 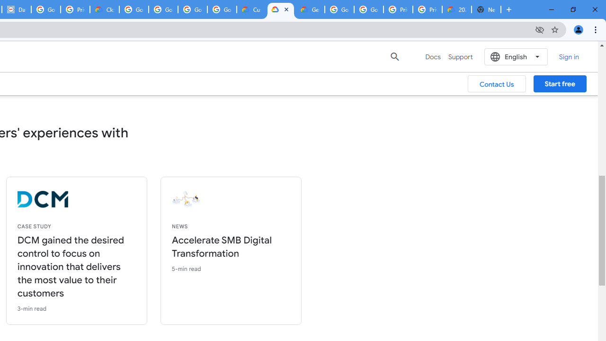 I want to click on 'Google Workspace - Specific Terms', so click(x=192, y=9).